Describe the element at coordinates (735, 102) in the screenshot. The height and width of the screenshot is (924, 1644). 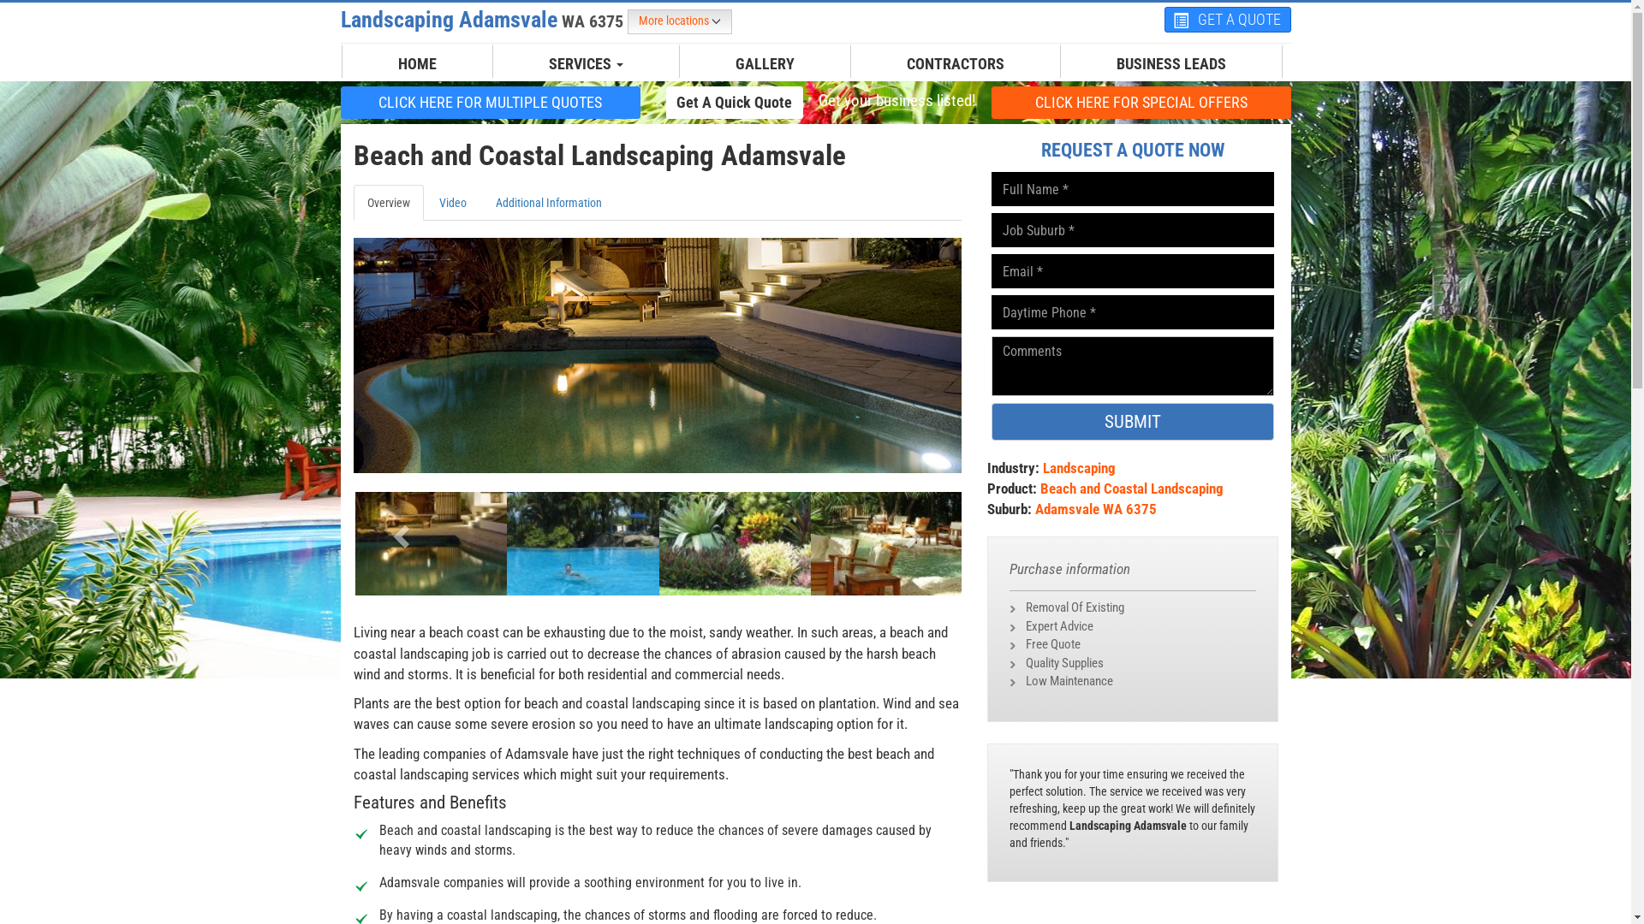
I see `'Get A Quick Quote'` at that location.